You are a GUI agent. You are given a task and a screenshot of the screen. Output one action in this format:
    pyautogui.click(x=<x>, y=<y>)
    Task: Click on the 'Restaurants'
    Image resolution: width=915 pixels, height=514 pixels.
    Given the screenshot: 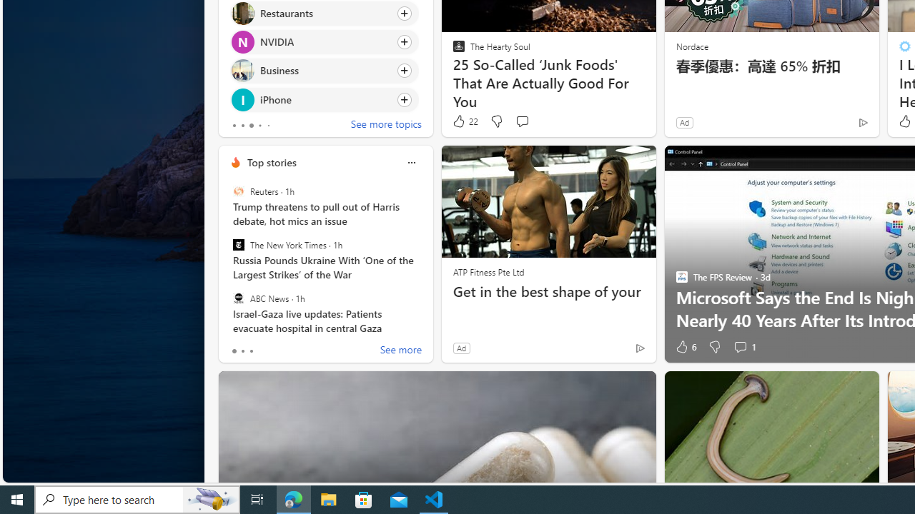 What is the action you would take?
    pyautogui.click(x=242, y=13)
    